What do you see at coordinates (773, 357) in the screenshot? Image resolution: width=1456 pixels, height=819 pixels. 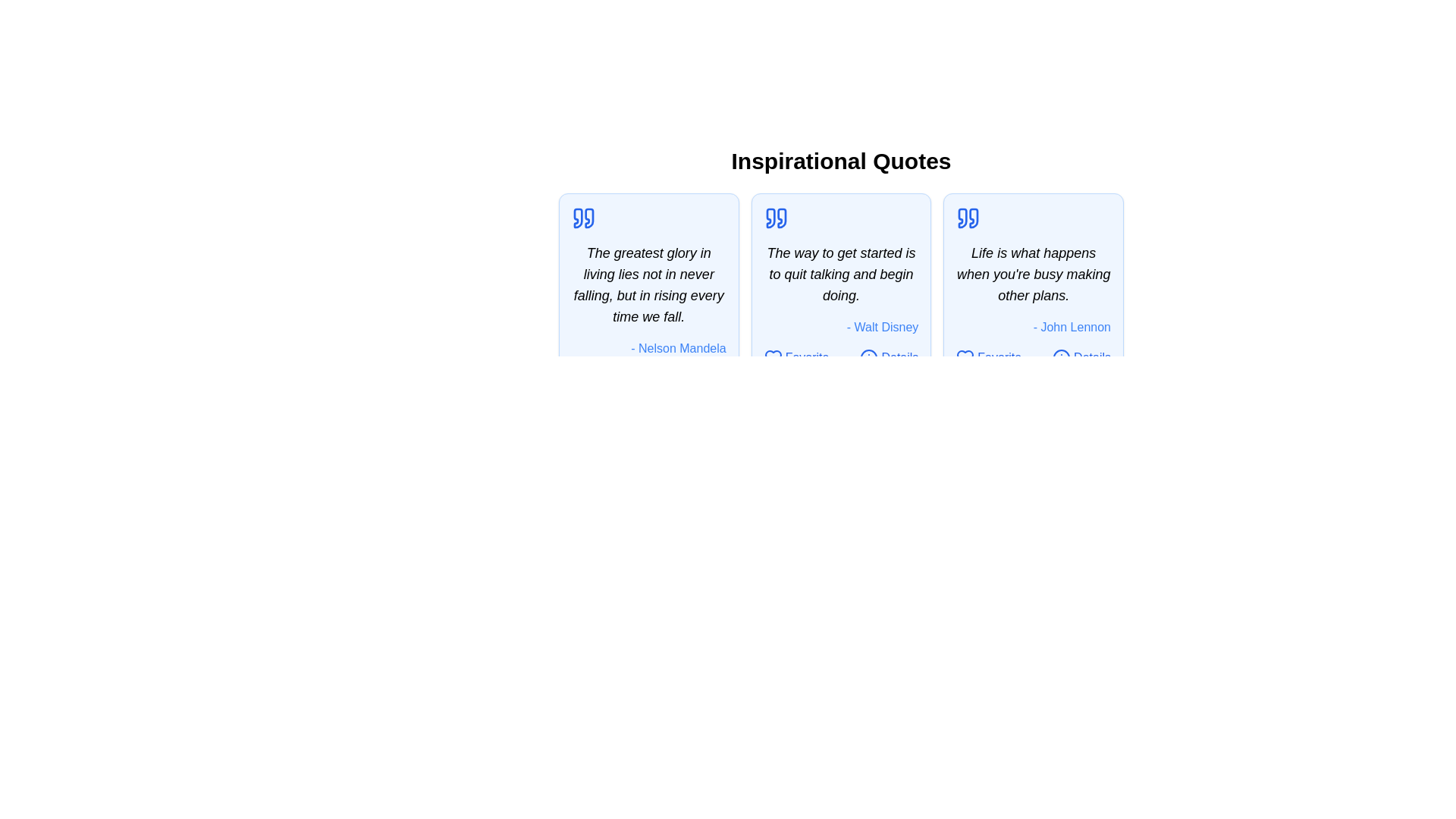 I see `the heart-shaped SVG icon styled with a blue stroke outline located in the second card, near the text 'Favorite'` at bounding box center [773, 357].